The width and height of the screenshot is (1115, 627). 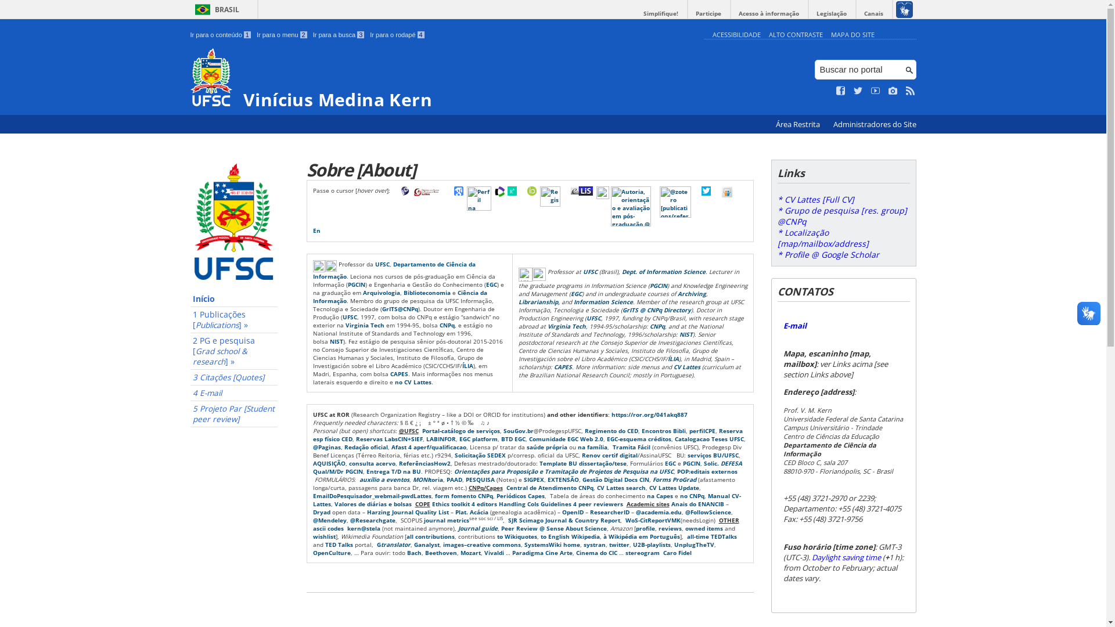 I want to click on 'Handling CoIs', so click(x=517, y=503).